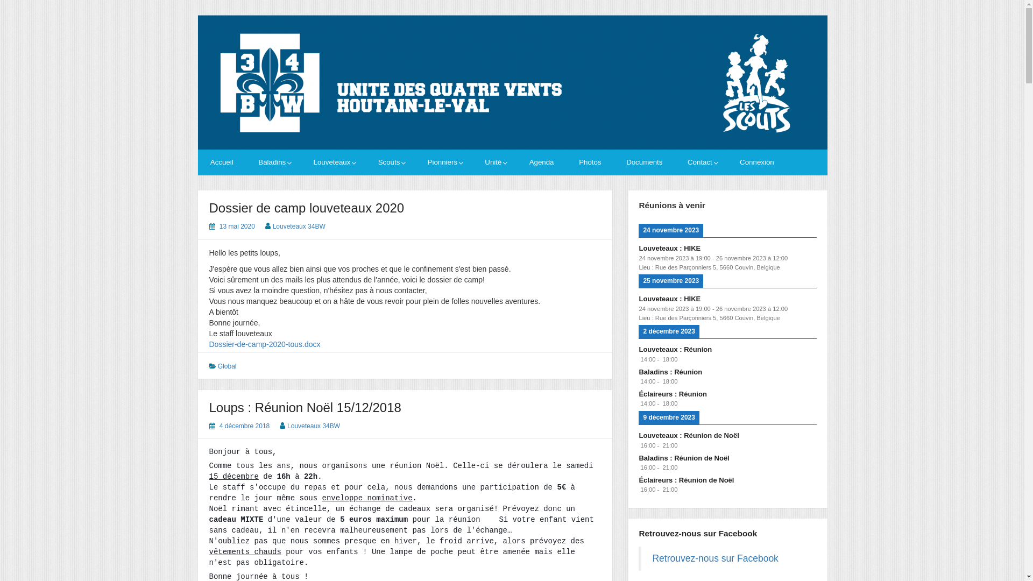 This screenshot has height=581, width=1033. Describe the element at coordinates (645, 162) in the screenshot. I see `'Documents'` at that location.